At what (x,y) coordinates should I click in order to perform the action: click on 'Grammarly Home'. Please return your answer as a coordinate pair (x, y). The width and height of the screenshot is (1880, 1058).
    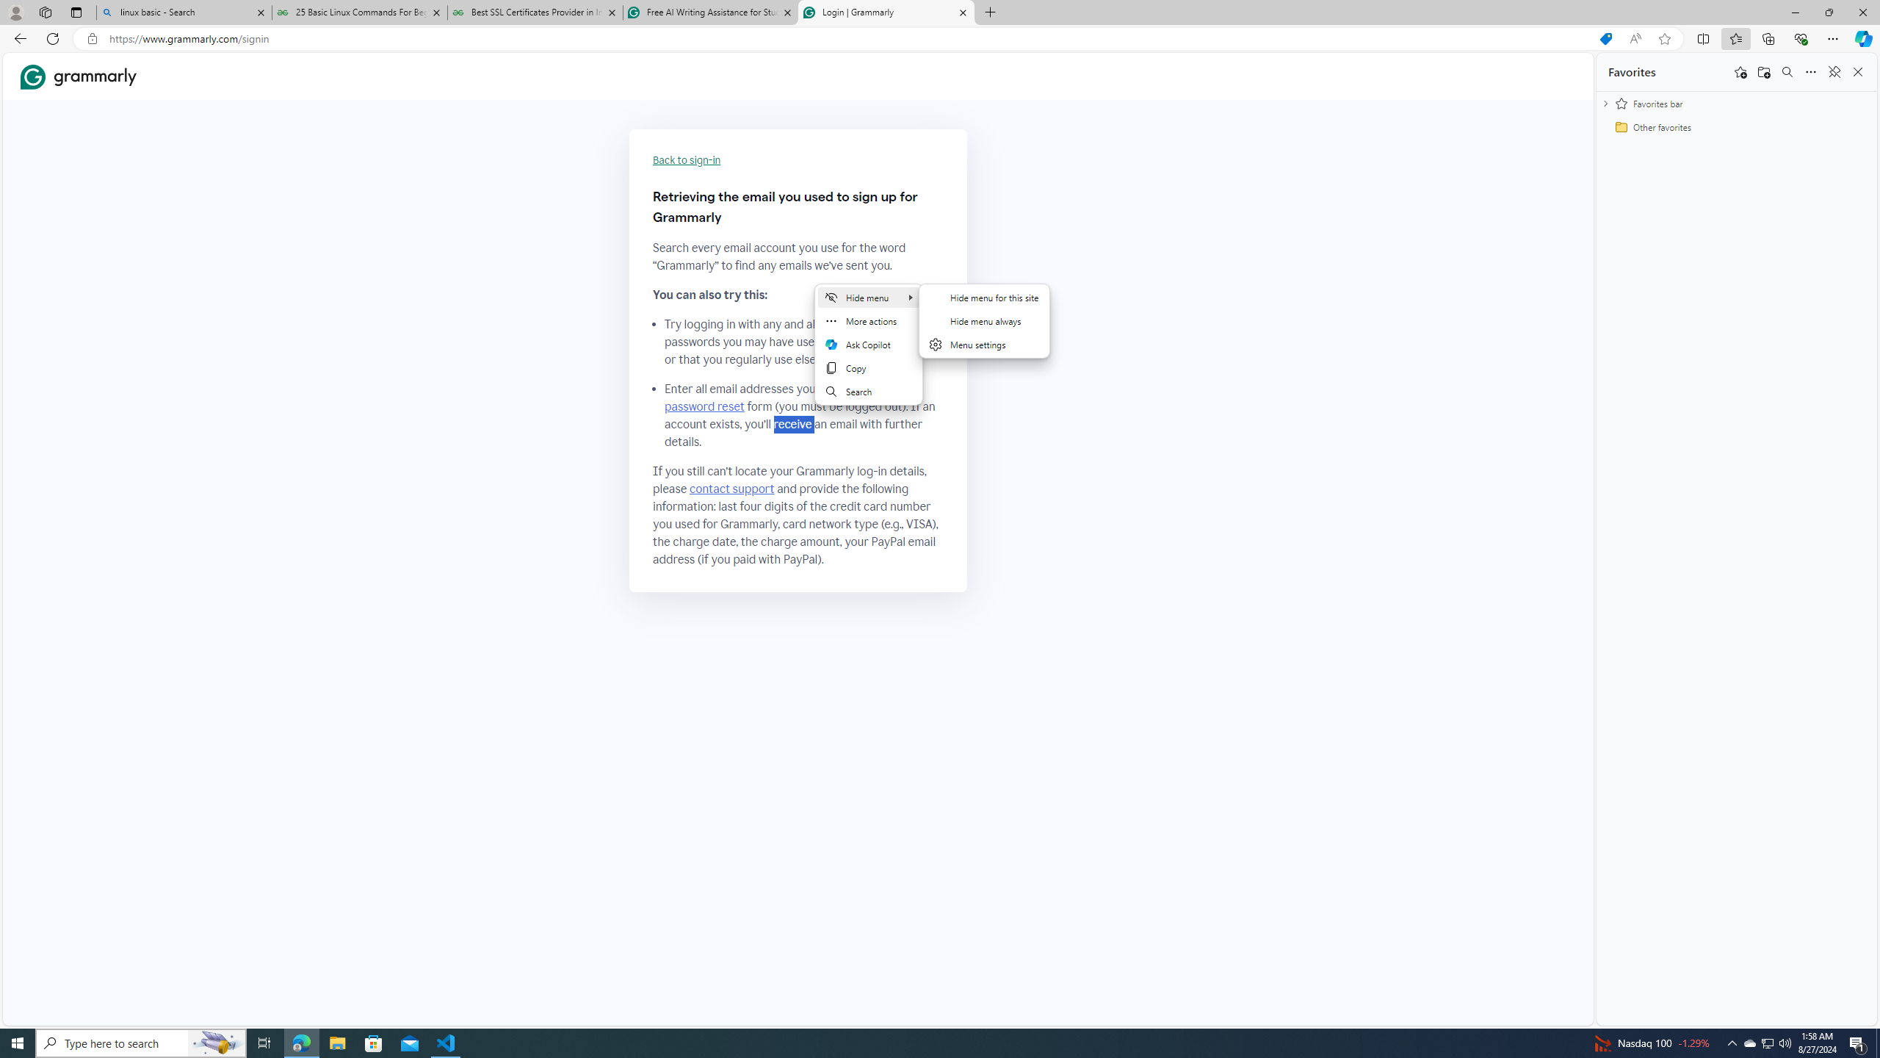
    Looking at the image, I should click on (78, 76).